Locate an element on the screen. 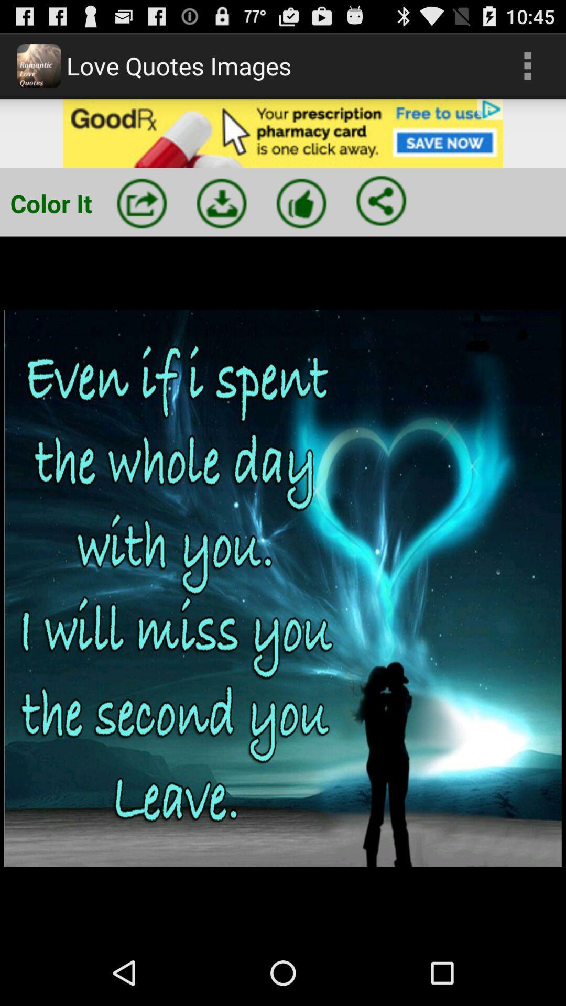 The image size is (566, 1006). the thumbs_up icon is located at coordinates (301, 217).